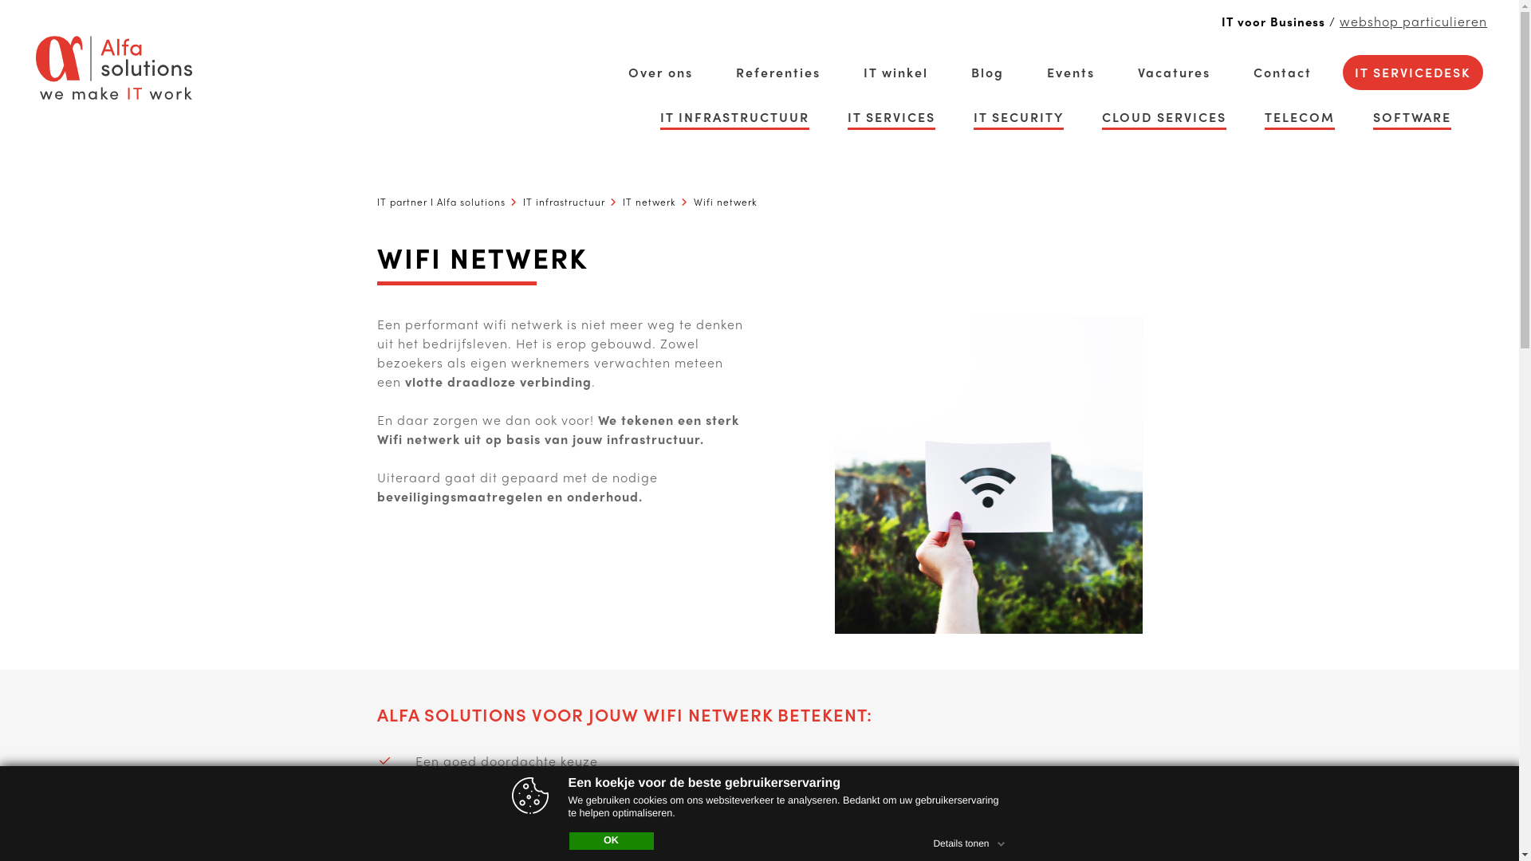 The width and height of the screenshot is (1531, 861). I want to click on 'IT SECURITY', so click(1017, 116).